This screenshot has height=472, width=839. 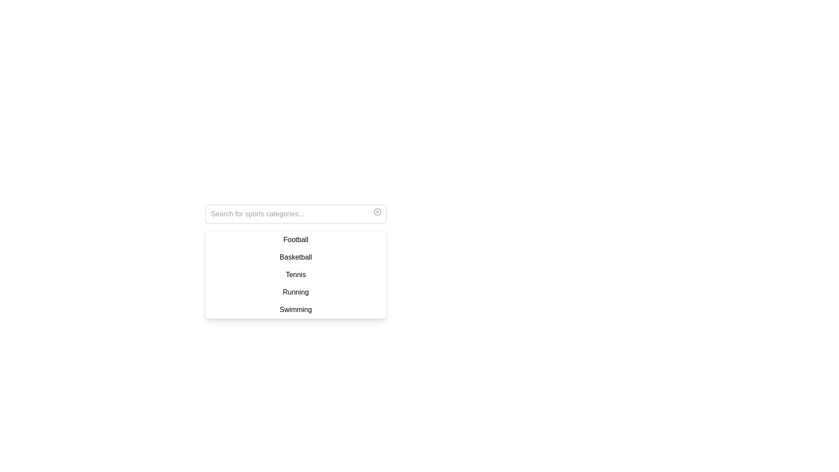 I want to click on the second selectable list item labeled 'Basketball' in the vertical sports categories list, so click(x=295, y=257).